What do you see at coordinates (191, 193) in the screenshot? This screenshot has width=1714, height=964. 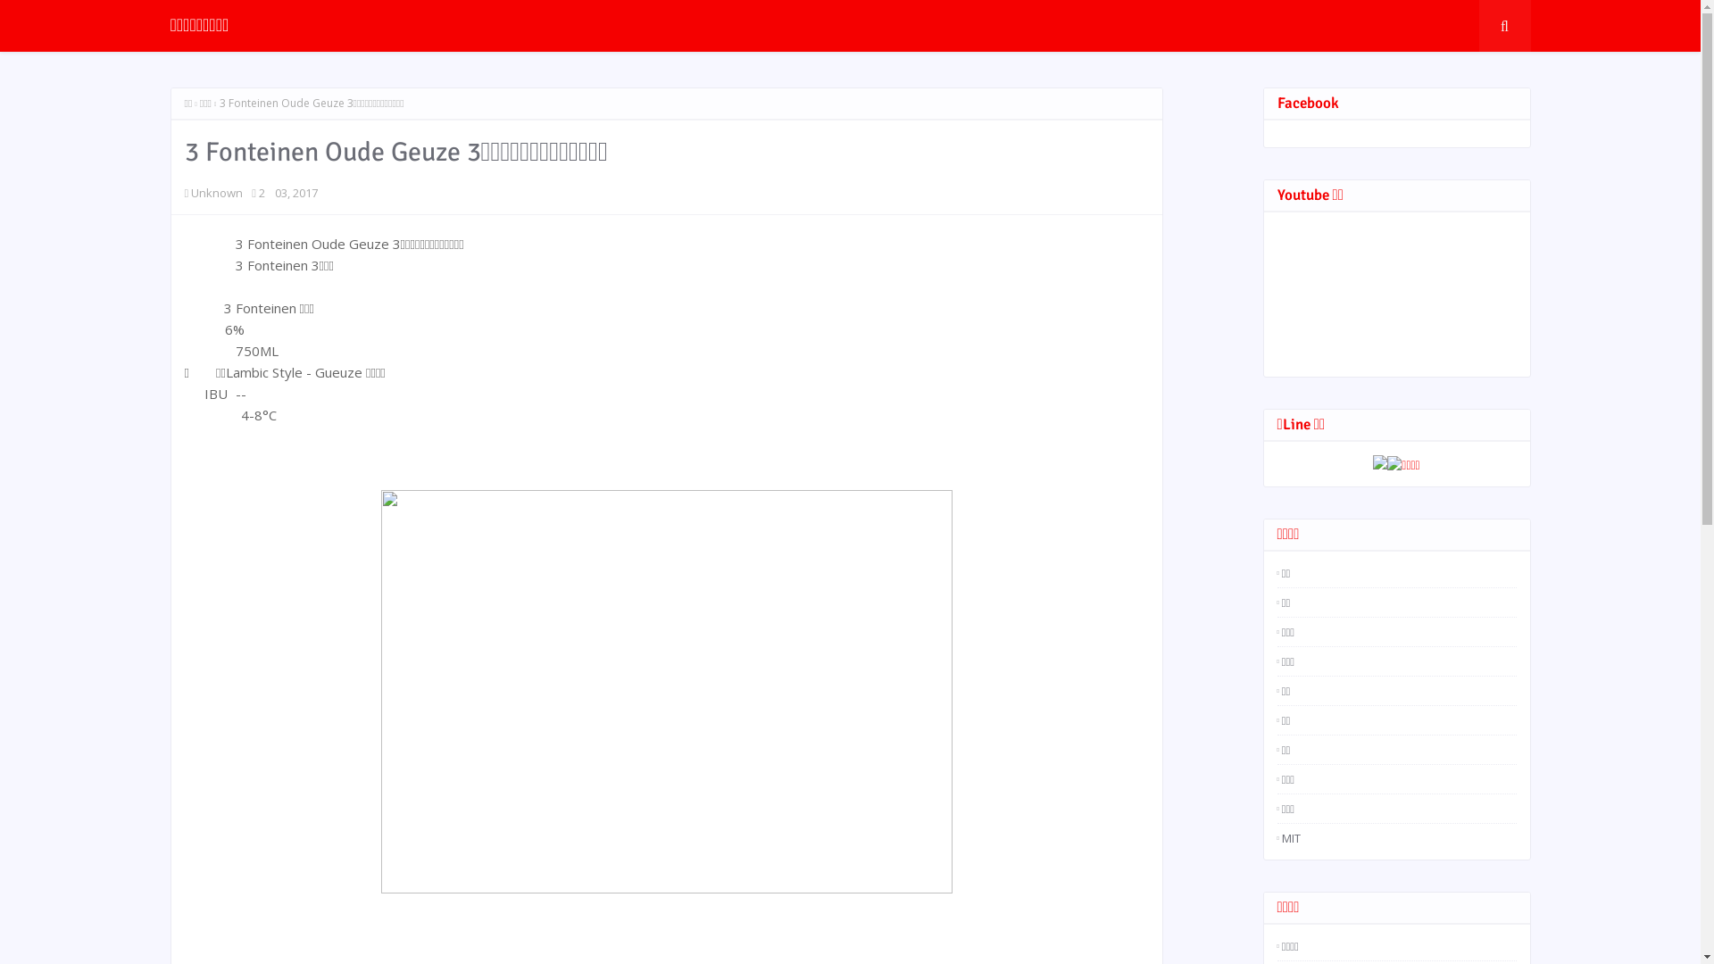 I see `'Unknown'` at bounding box center [191, 193].